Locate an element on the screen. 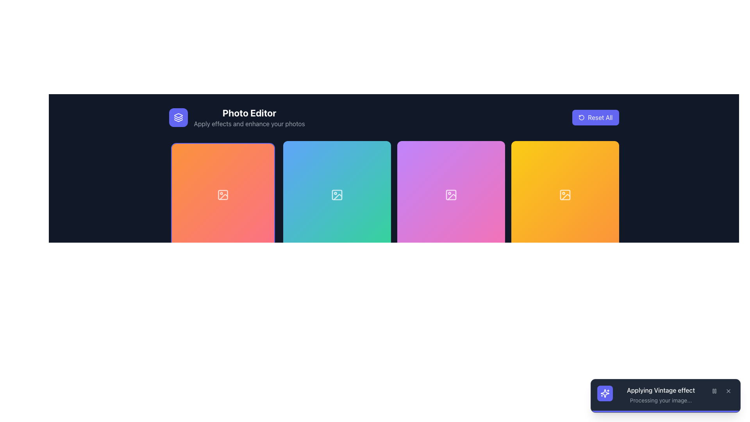 This screenshot has width=750, height=422. the left vertical bar of the pause button icon within the 'Applying Vintage Effect' status notification located in the bottom-right notification bar is located at coordinates (713, 391).